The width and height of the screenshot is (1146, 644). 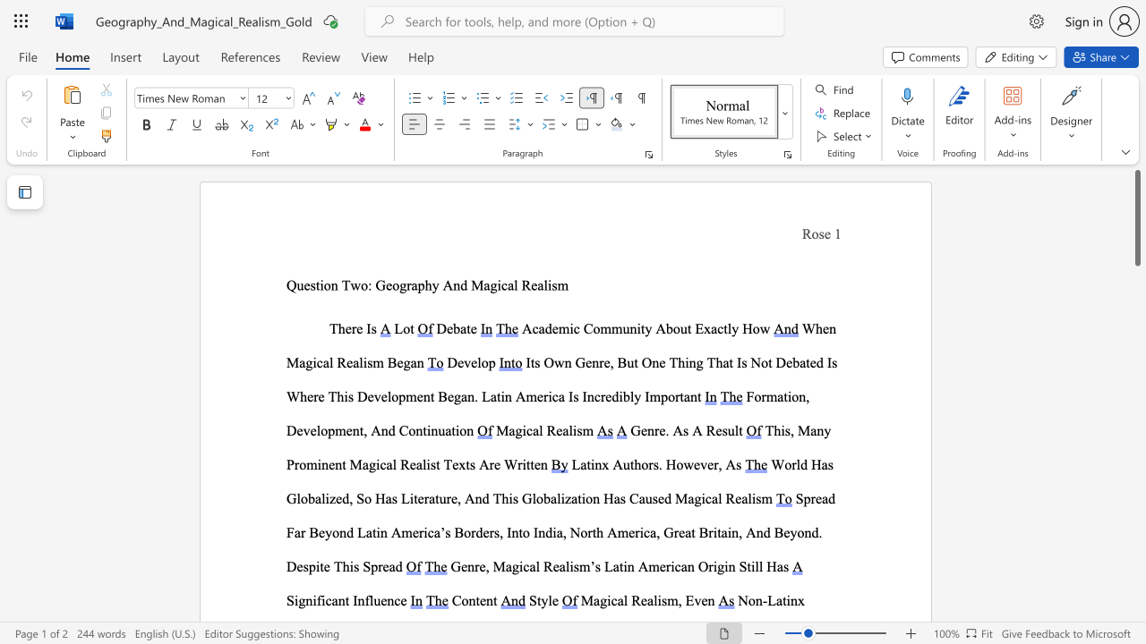 I want to click on the scrollbar to adjust the page downward, so click(x=1136, y=331).